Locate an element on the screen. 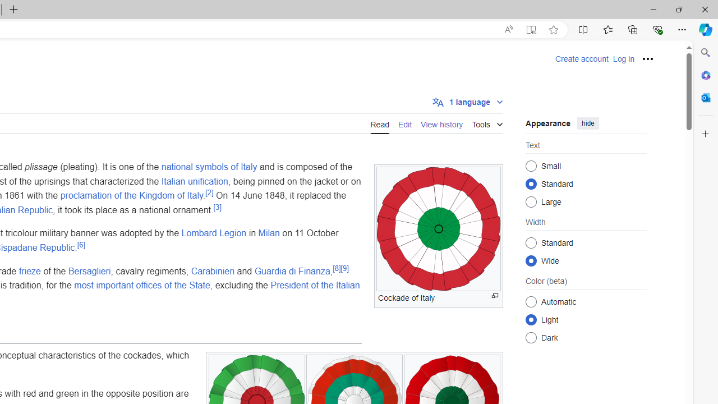 Image resolution: width=718 pixels, height=404 pixels. '[6]' is located at coordinates (81, 244).